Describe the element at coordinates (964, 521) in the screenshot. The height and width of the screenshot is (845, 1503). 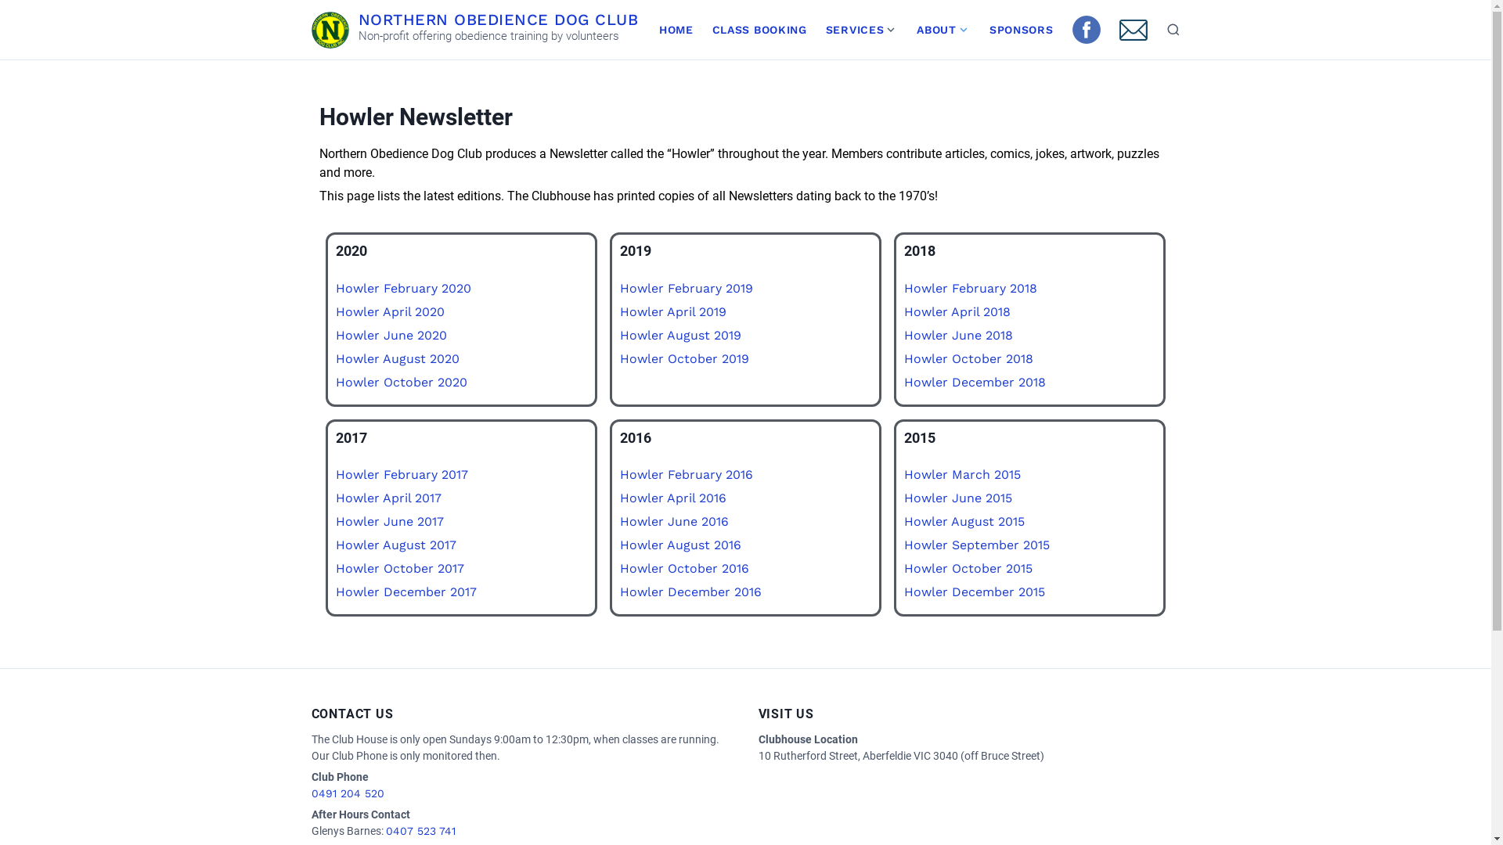
I see `'Howler August 2015'` at that location.